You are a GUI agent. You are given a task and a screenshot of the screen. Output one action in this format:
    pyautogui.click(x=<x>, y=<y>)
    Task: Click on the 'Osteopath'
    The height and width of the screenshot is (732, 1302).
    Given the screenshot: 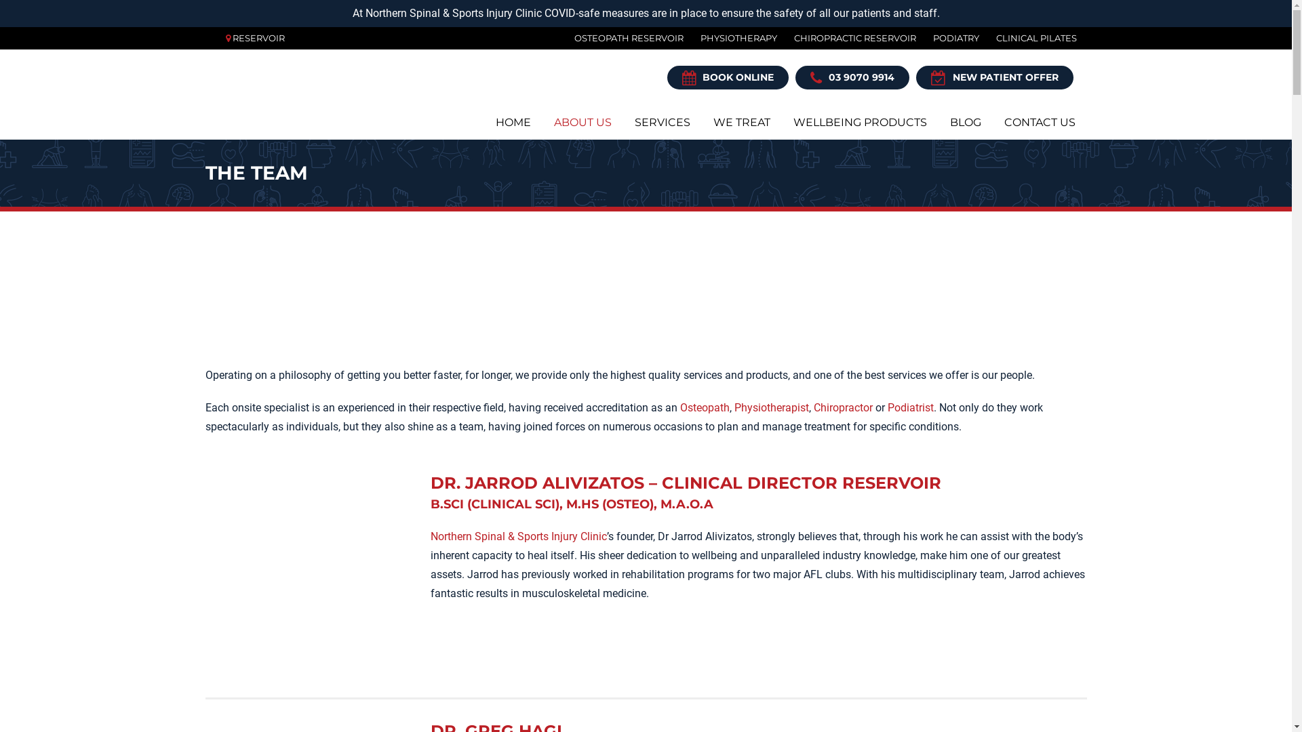 What is the action you would take?
    pyautogui.click(x=679, y=407)
    